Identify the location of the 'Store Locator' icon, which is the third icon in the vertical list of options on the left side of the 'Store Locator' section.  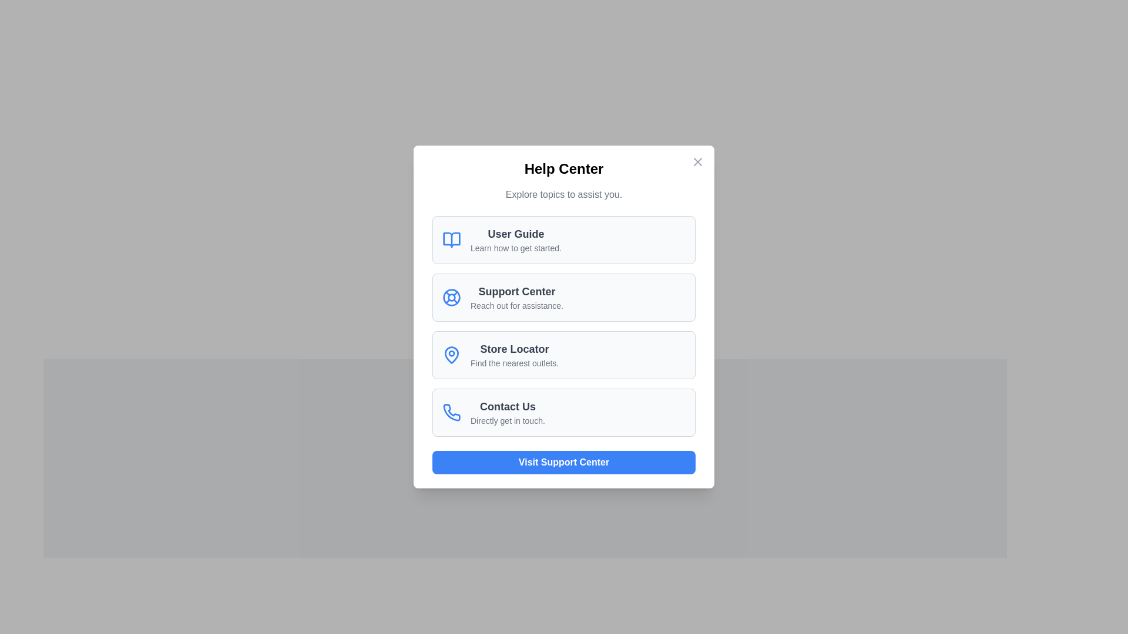
(451, 354).